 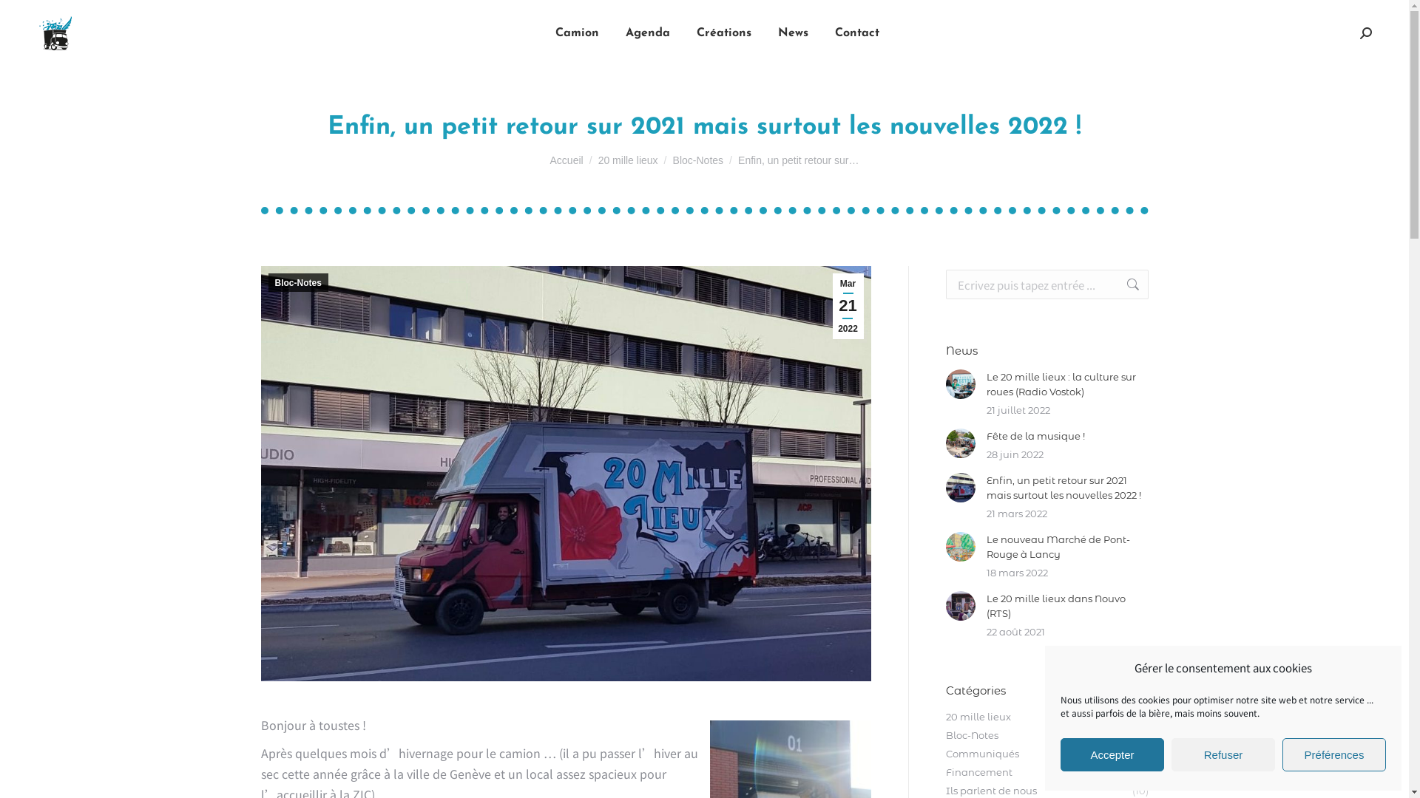 What do you see at coordinates (550, 160) in the screenshot?
I see `'Accueil'` at bounding box center [550, 160].